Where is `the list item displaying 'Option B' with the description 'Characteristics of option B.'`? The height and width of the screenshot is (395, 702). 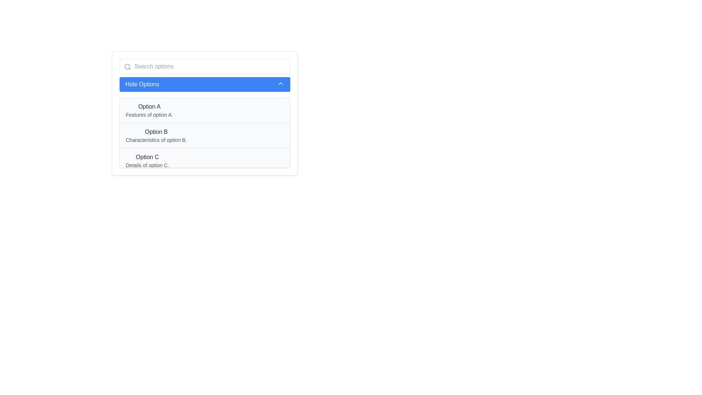 the list item displaying 'Option B' with the description 'Characteristics of option B.' is located at coordinates (205, 135).